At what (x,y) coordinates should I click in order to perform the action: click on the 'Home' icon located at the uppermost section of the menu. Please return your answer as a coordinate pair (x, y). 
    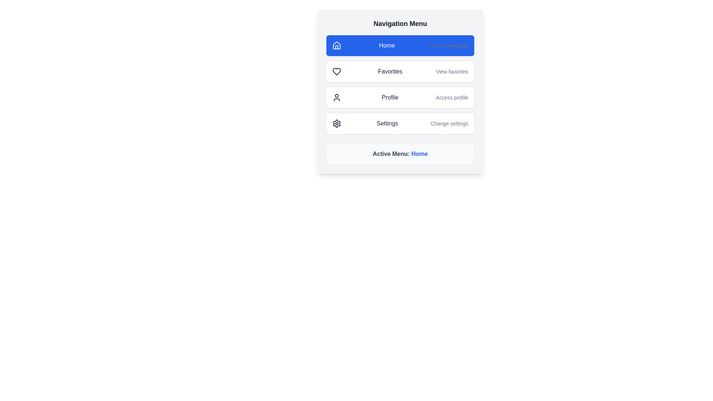
    Looking at the image, I should click on (336, 46).